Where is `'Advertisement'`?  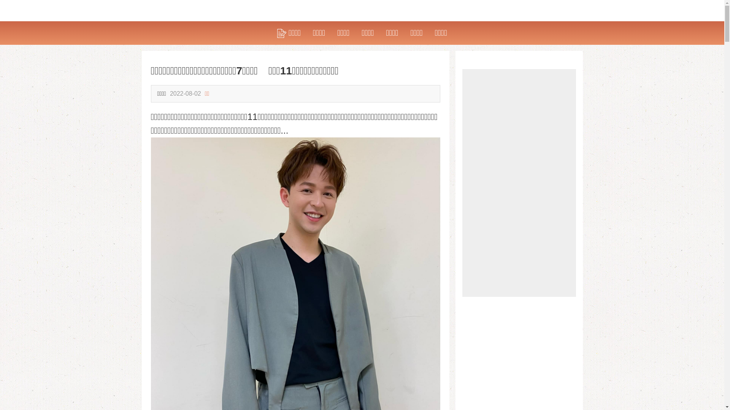 'Advertisement' is located at coordinates (519, 183).